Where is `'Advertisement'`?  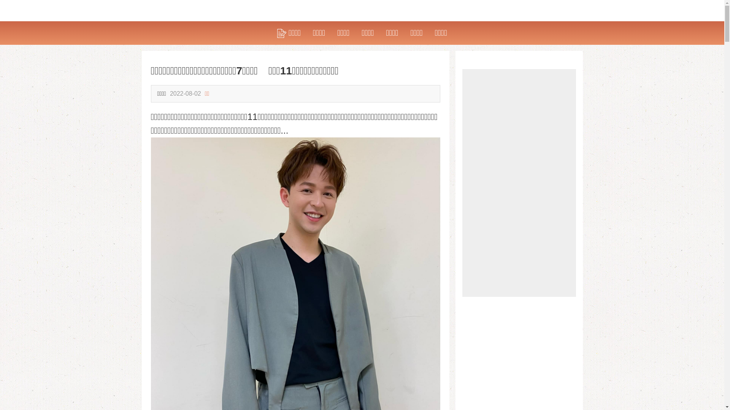 'Advertisement' is located at coordinates (519, 183).